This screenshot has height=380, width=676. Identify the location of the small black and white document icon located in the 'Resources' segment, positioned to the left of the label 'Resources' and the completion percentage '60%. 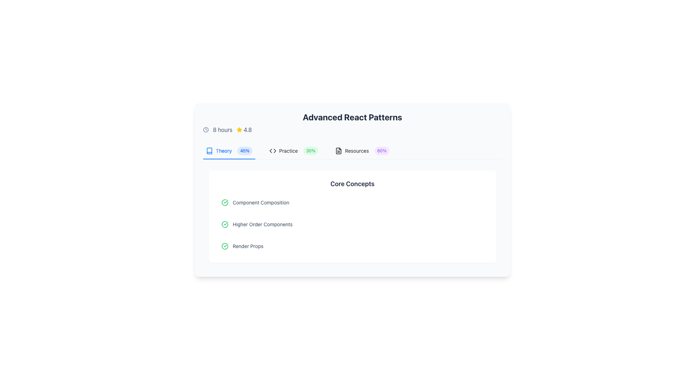
(339, 150).